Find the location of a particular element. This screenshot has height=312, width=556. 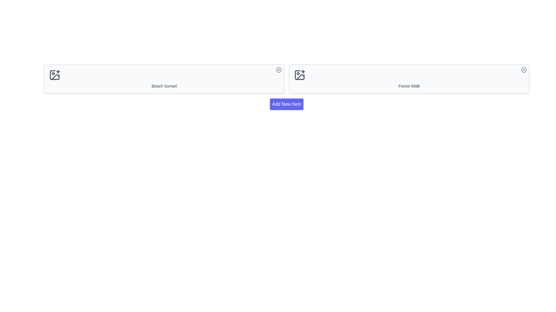

the image upload icon with a plus sign located in the top-right corner of the 'Forest Walk' card is located at coordinates (300, 75).